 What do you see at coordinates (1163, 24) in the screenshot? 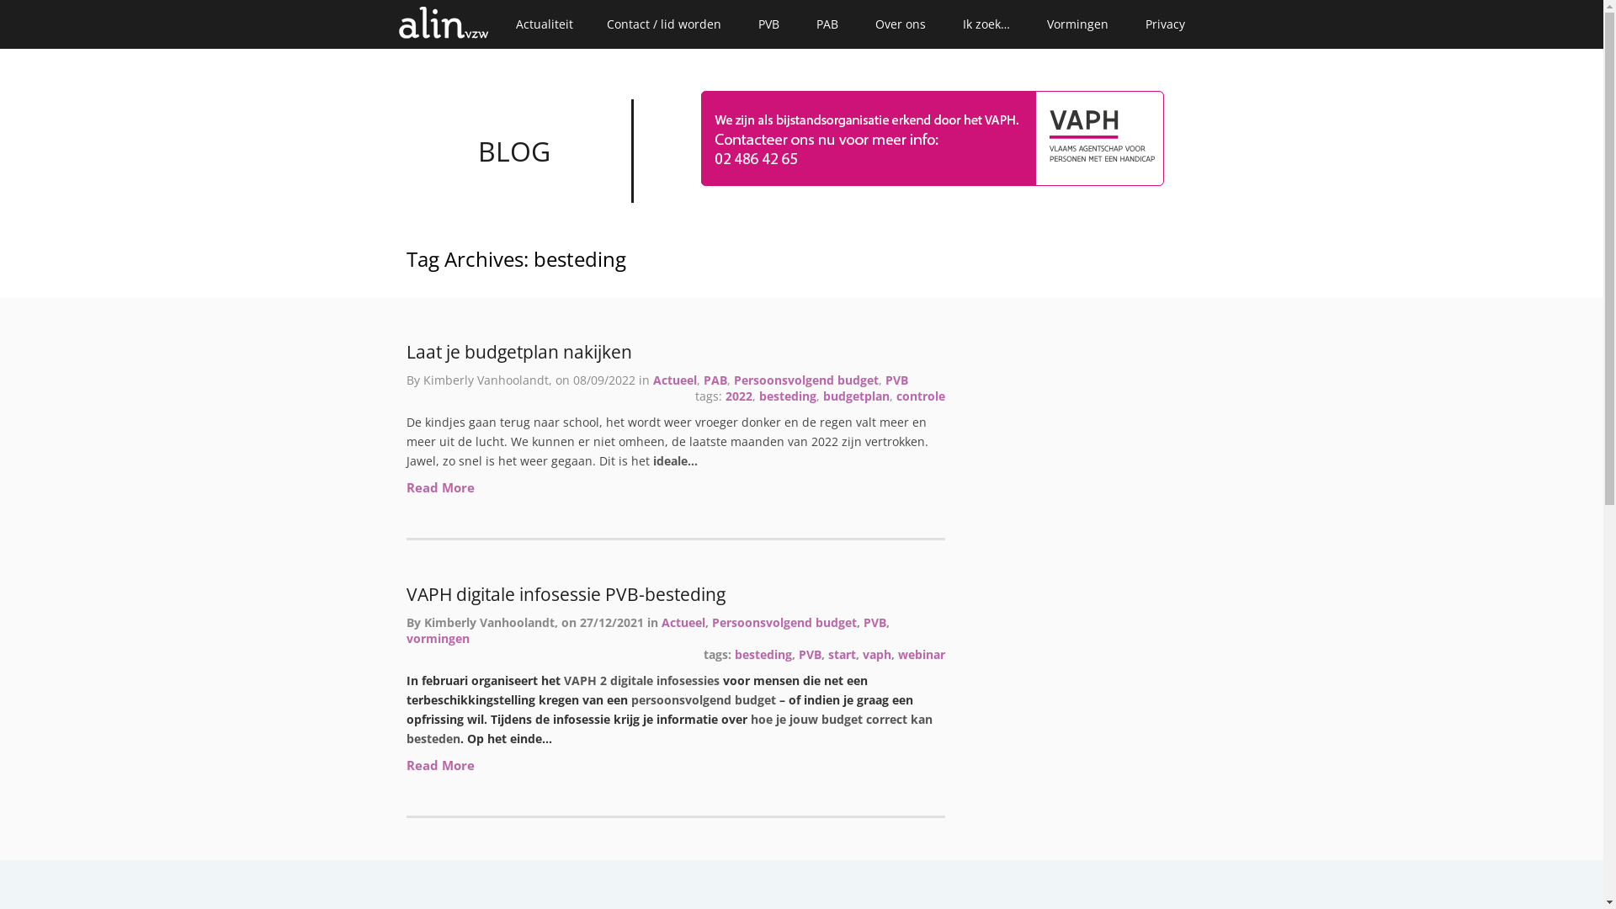
I see `'Privacy'` at bounding box center [1163, 24].